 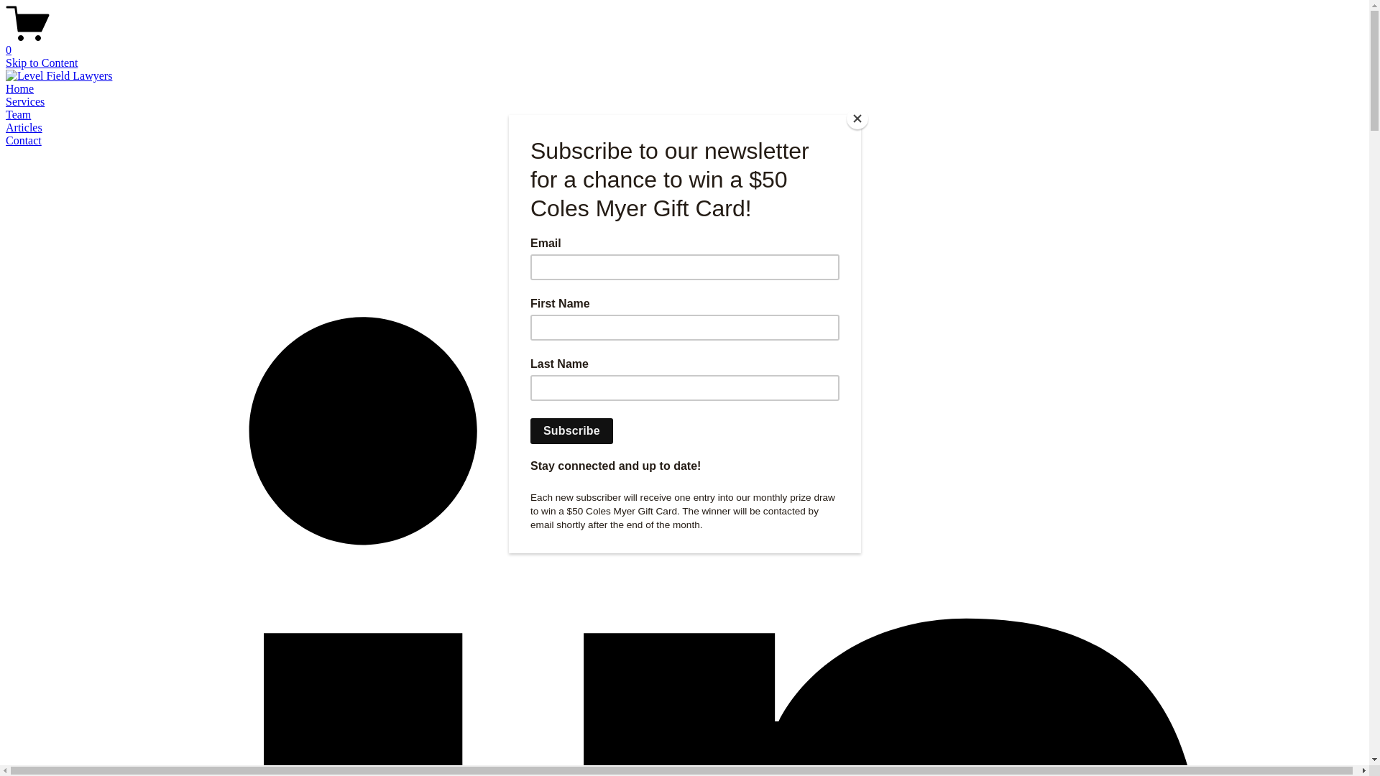 What do you see at coordinates (41, 62) in the screenshot?
I see `'Skip to Content'` at bounding box center [41, 62].